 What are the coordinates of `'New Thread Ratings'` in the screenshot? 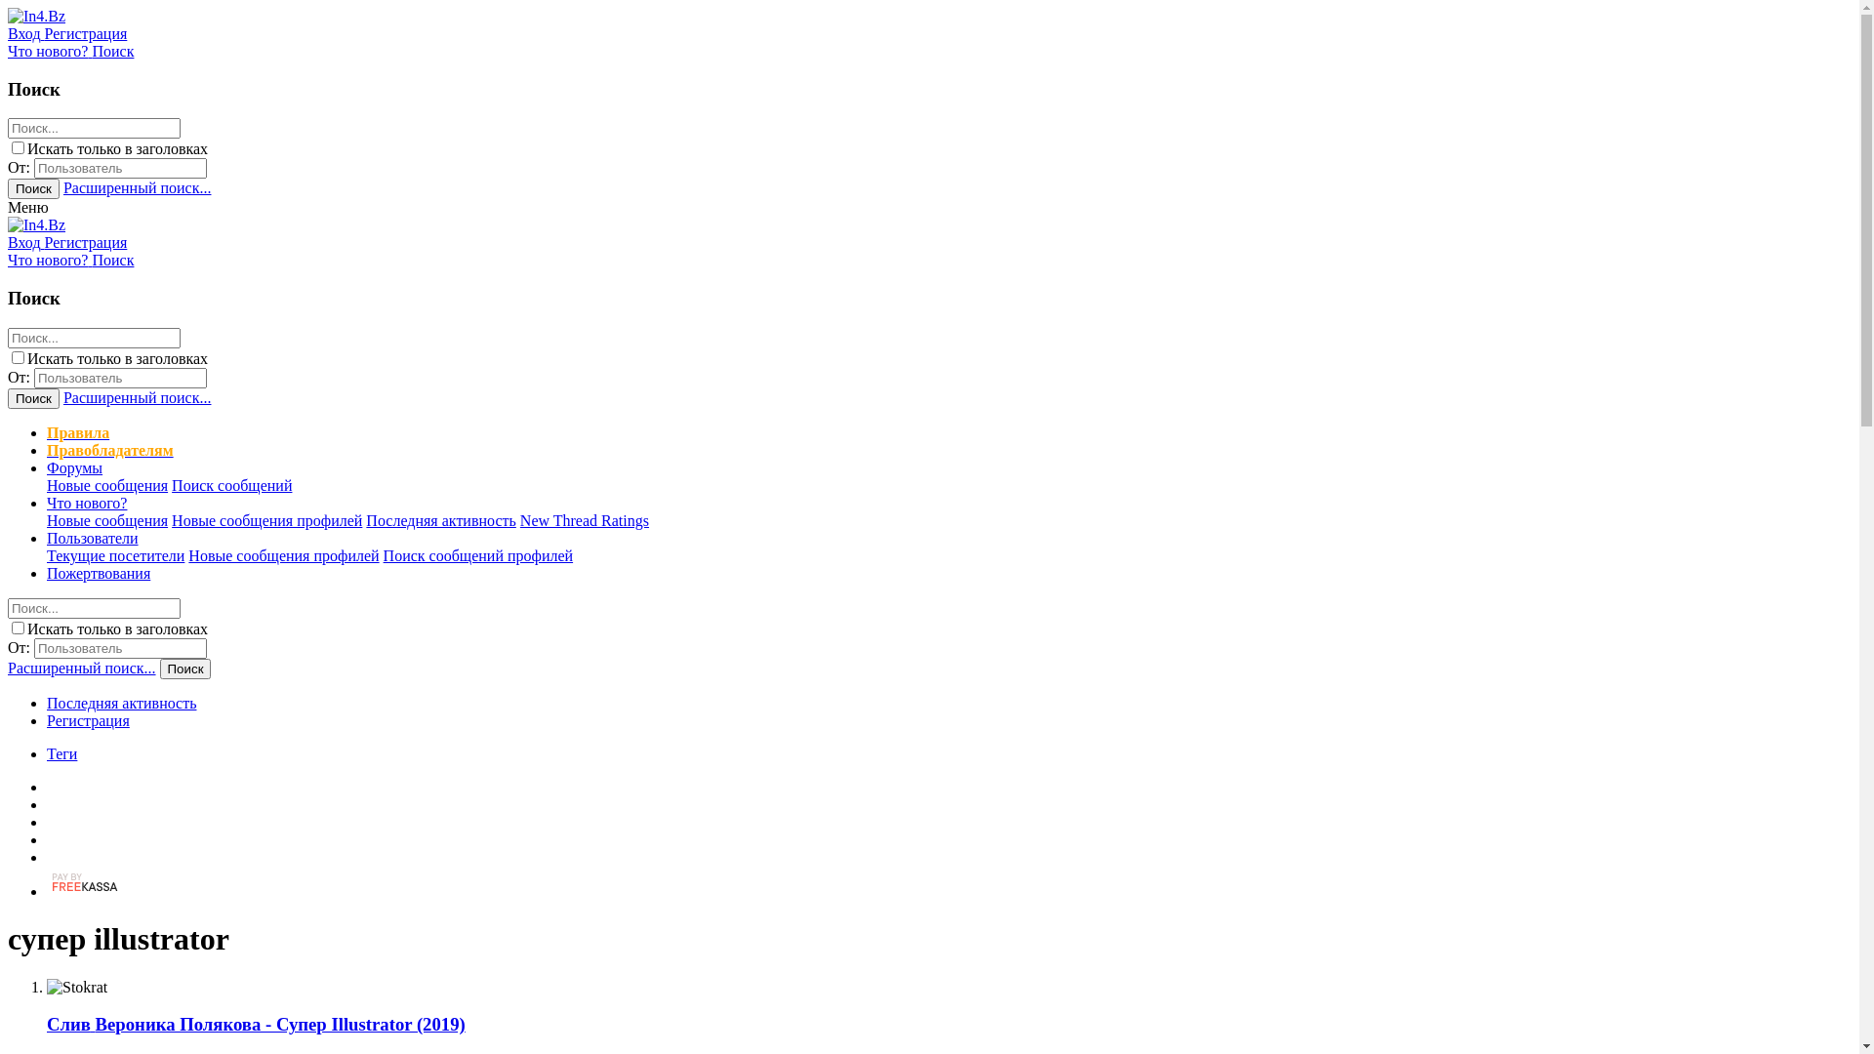 It's located at (519, 519).